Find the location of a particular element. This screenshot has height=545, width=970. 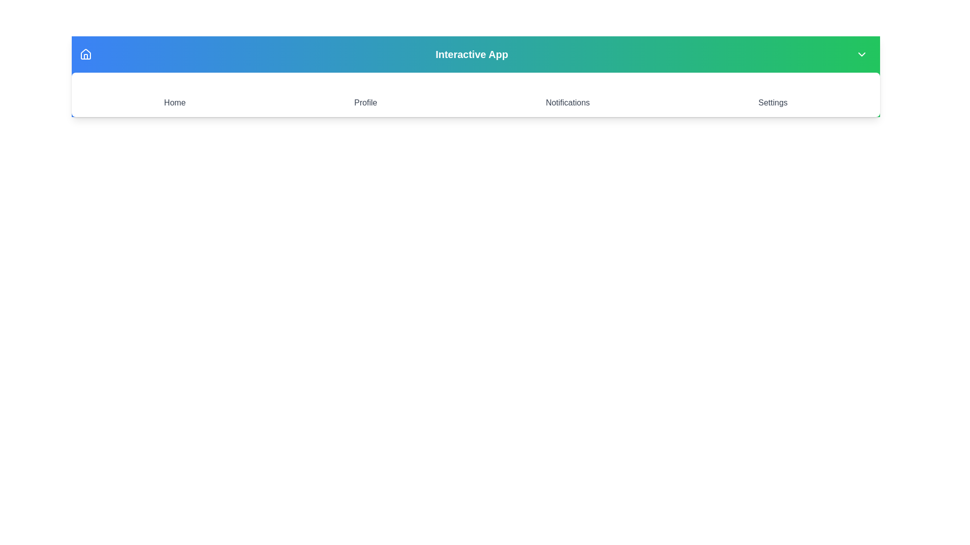

the Notifications icon to navigate to the corresponding section is located at coordinates (567, 95).